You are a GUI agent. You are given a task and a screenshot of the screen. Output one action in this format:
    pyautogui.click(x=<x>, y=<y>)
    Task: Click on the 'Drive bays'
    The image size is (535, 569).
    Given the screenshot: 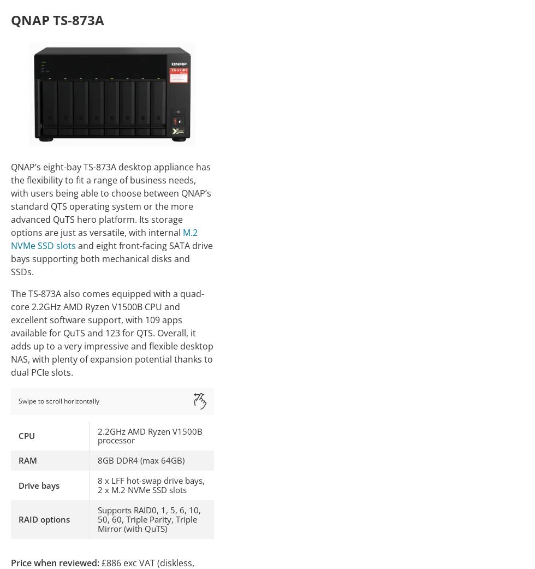 What is the action you would take?
    pyautogui.click(x=39, y=484)
    